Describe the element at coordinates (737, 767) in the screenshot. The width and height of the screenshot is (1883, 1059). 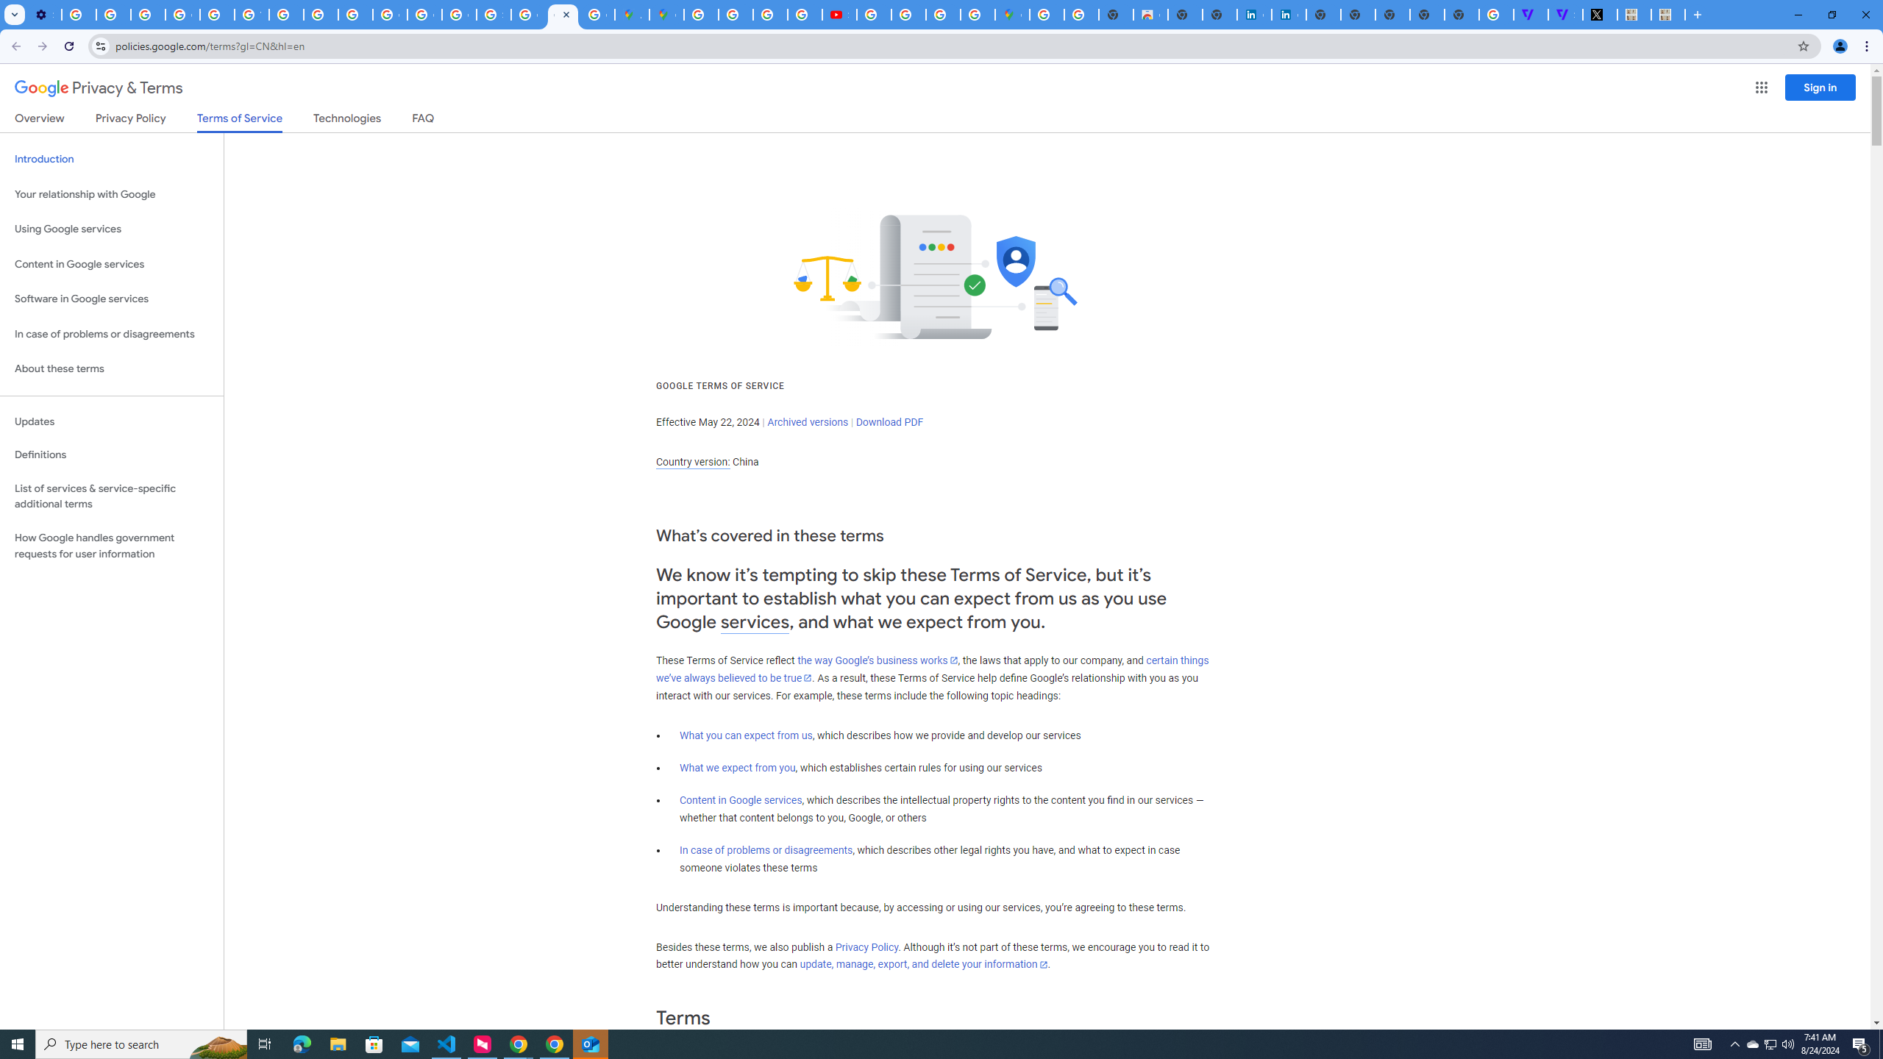
I see `'What we expect from you'` at that location.